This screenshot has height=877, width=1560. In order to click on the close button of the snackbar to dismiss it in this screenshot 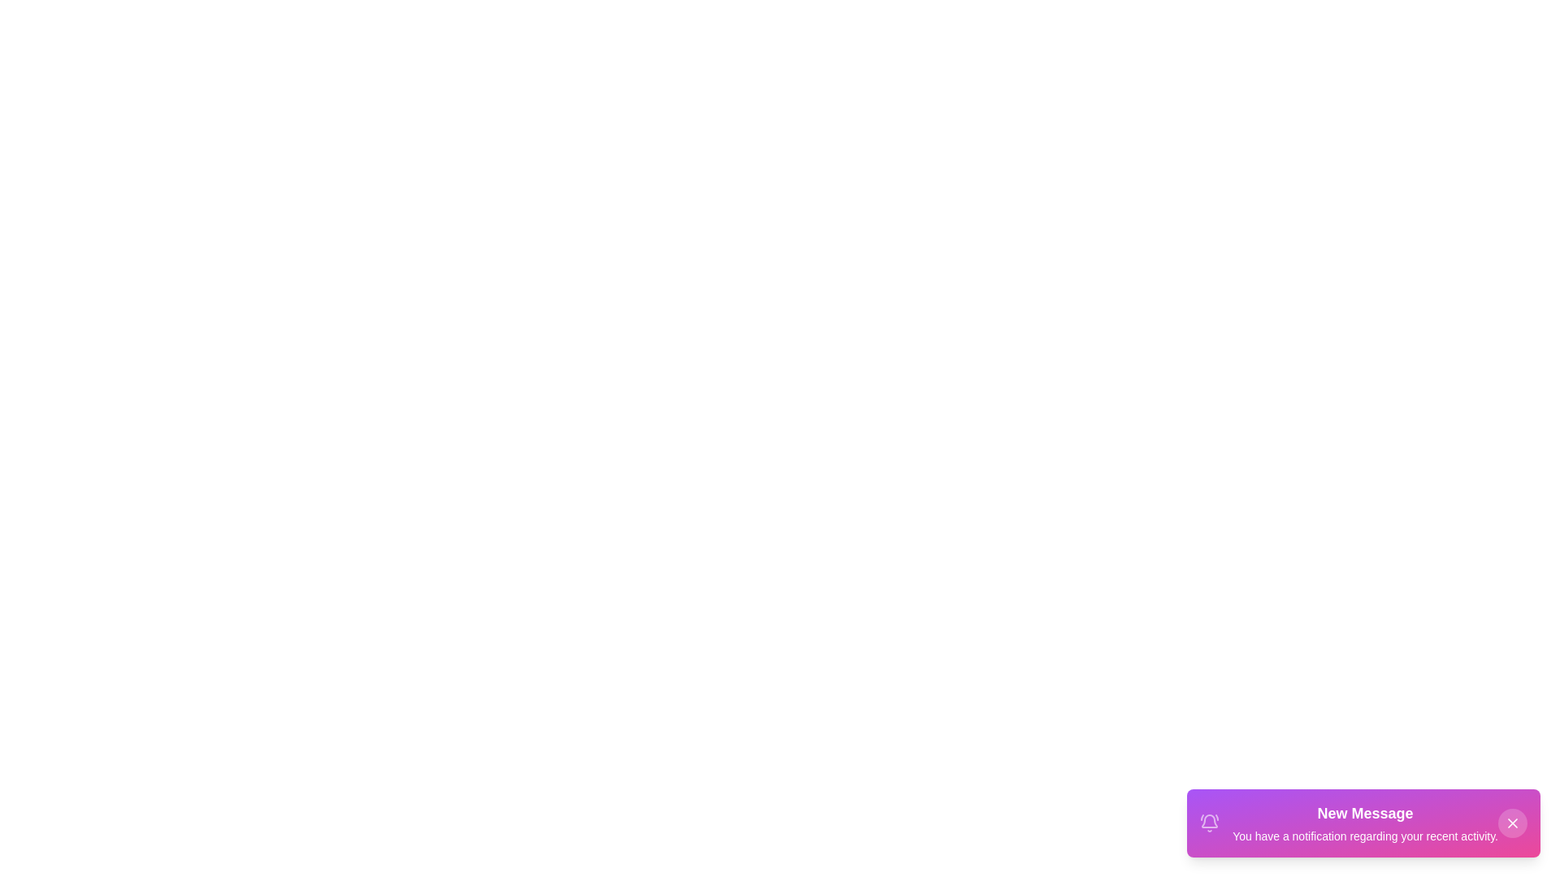, I will do `click(1512, 823)`.